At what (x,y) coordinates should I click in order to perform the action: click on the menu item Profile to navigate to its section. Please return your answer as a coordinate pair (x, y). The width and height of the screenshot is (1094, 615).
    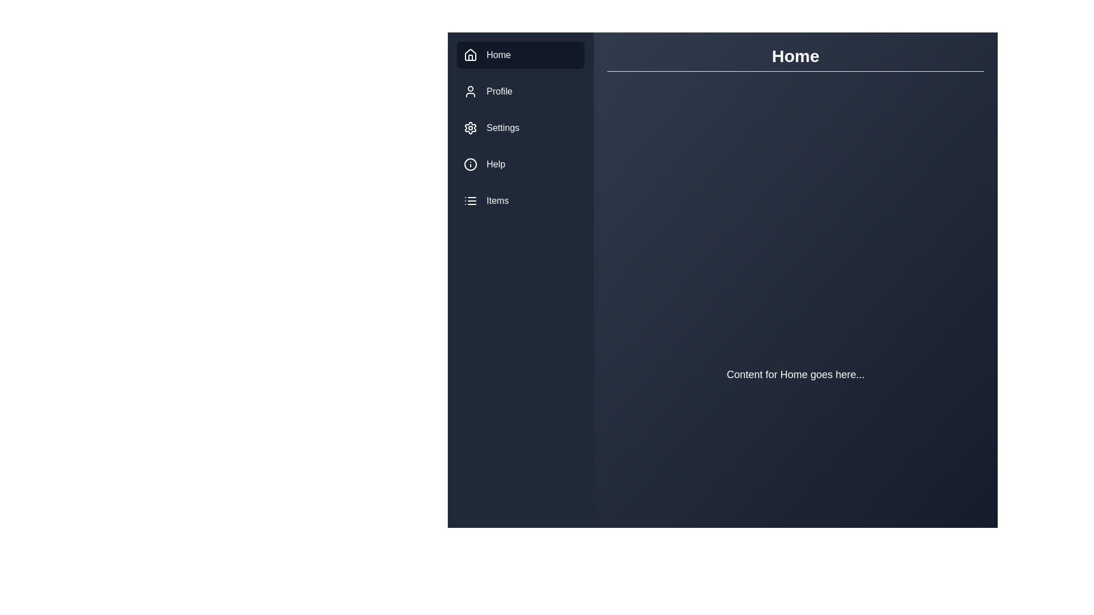
    Looking at the image, I should click on (520, 91).